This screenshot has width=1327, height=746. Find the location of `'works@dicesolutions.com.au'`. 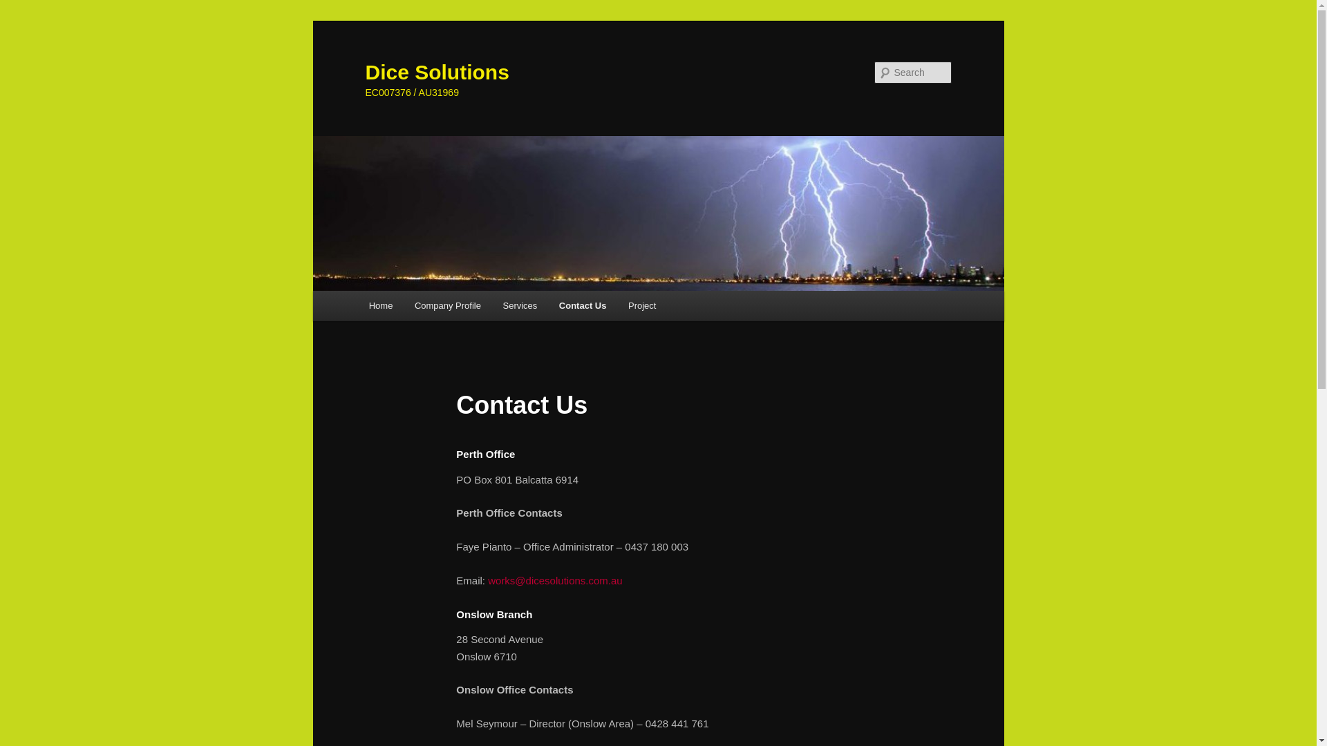

'works@dicesolutions.com.au' is located at coordinates (554, 580).